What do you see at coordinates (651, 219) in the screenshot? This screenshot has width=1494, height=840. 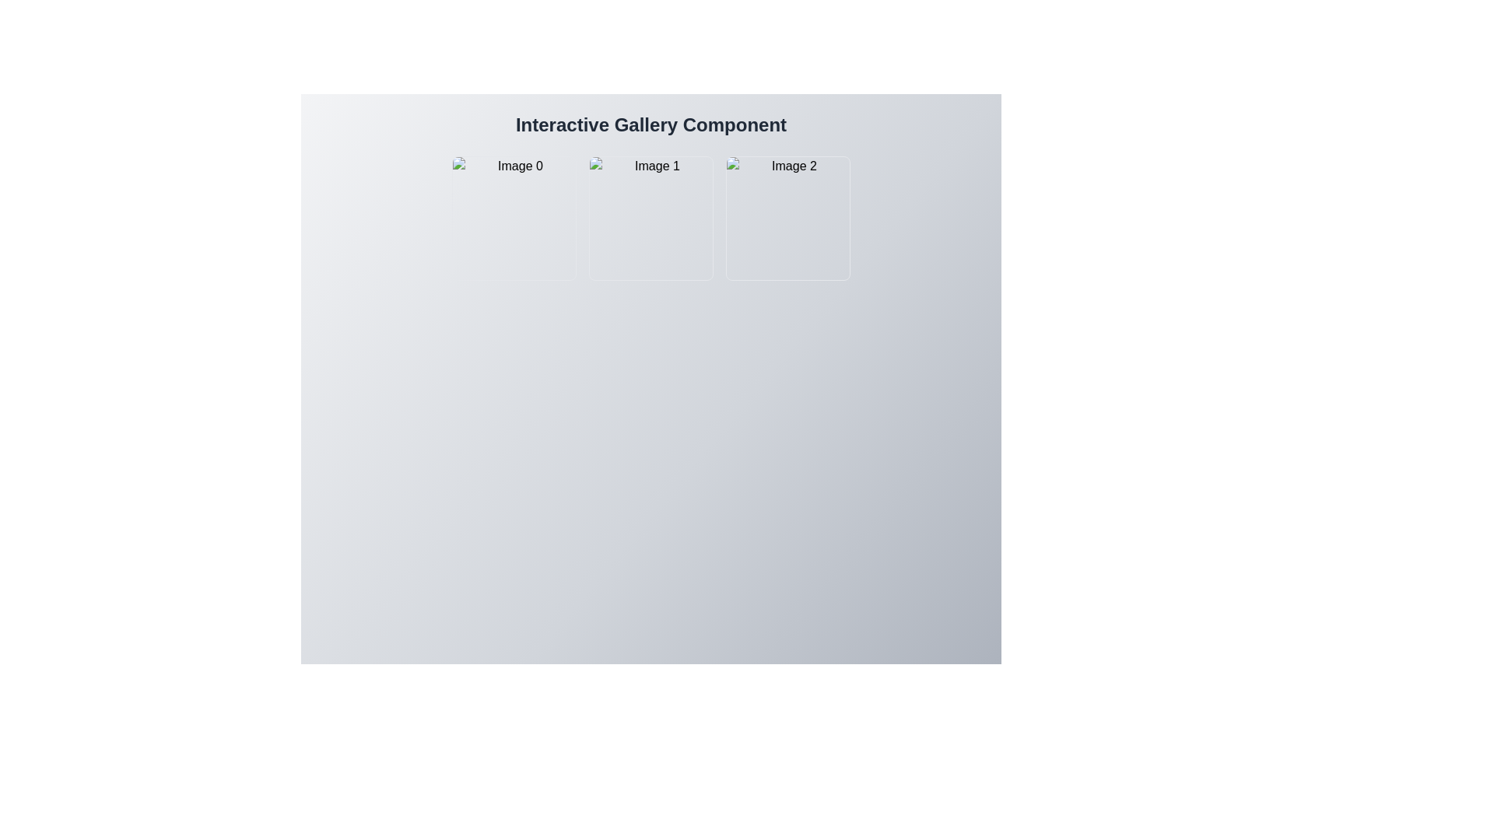 I see `the interactive thumbnail image labeled 'Image 1'` at bounding box center [651, 219].